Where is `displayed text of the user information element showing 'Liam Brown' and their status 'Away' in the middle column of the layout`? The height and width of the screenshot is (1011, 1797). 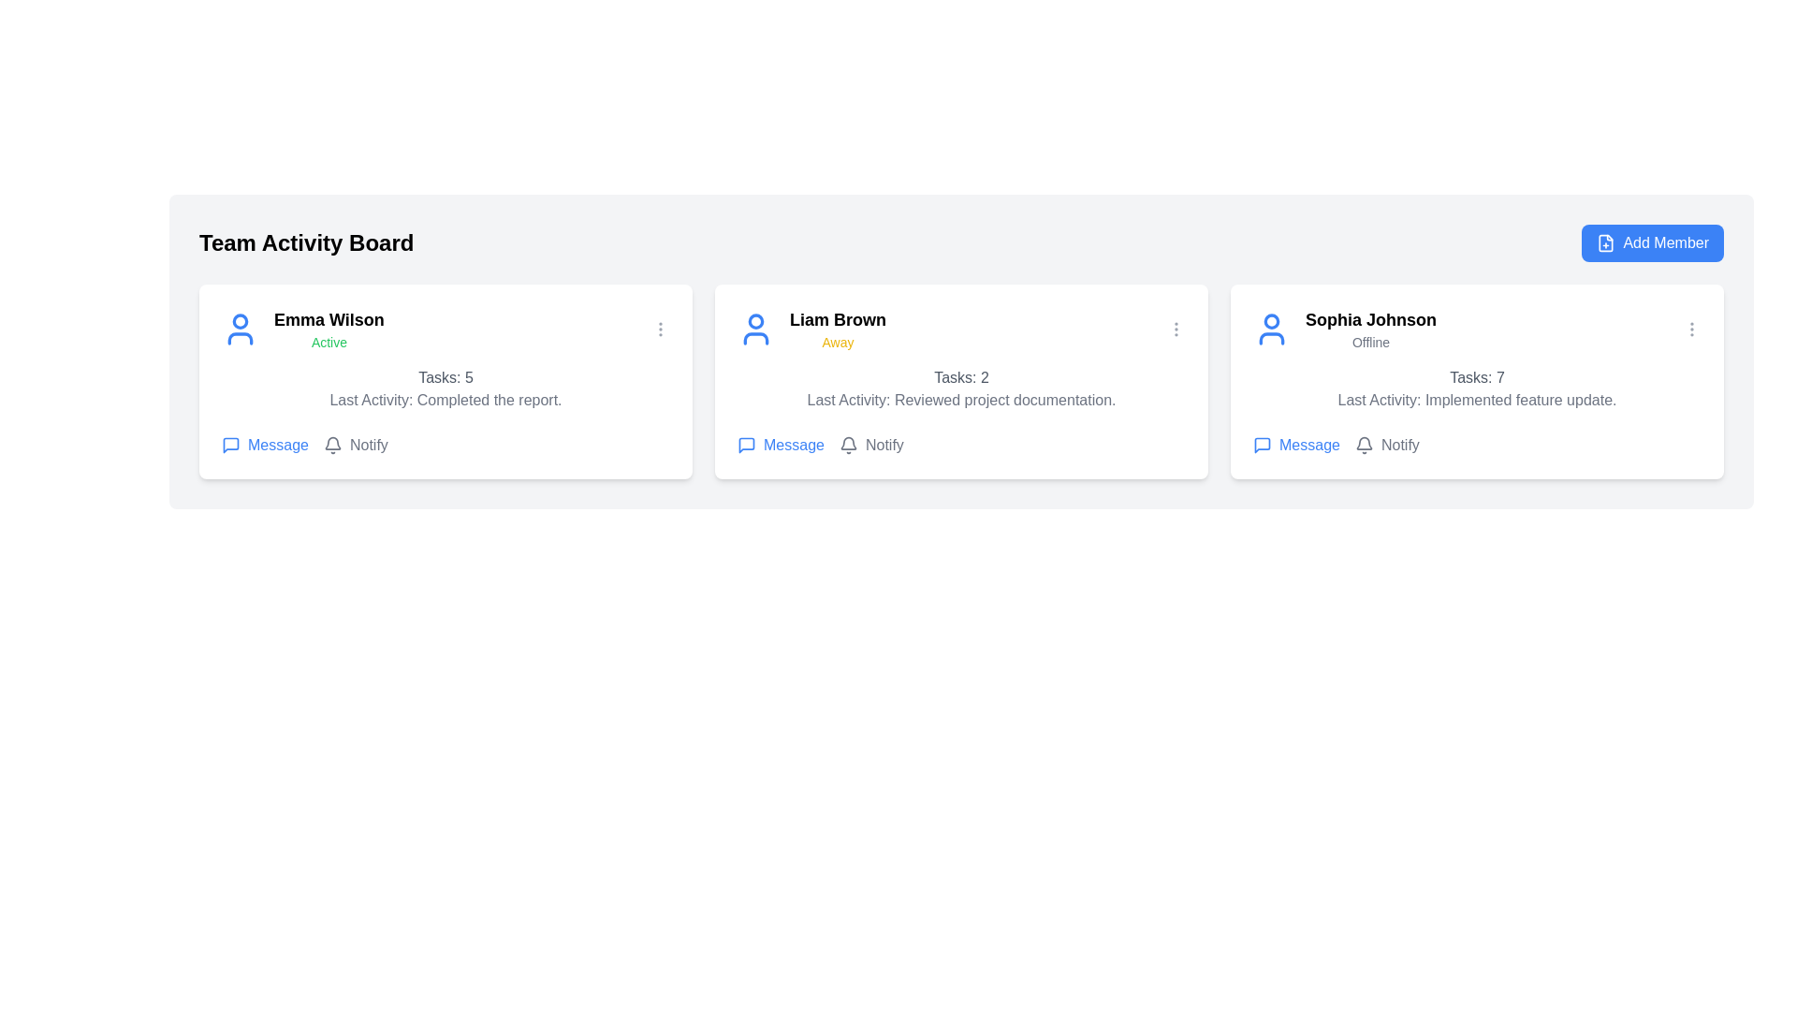
displayed text of the user information element showing 'Liam Brown' and their status 'Away' in the middle column of the layout is located at coordinates (811, 328).